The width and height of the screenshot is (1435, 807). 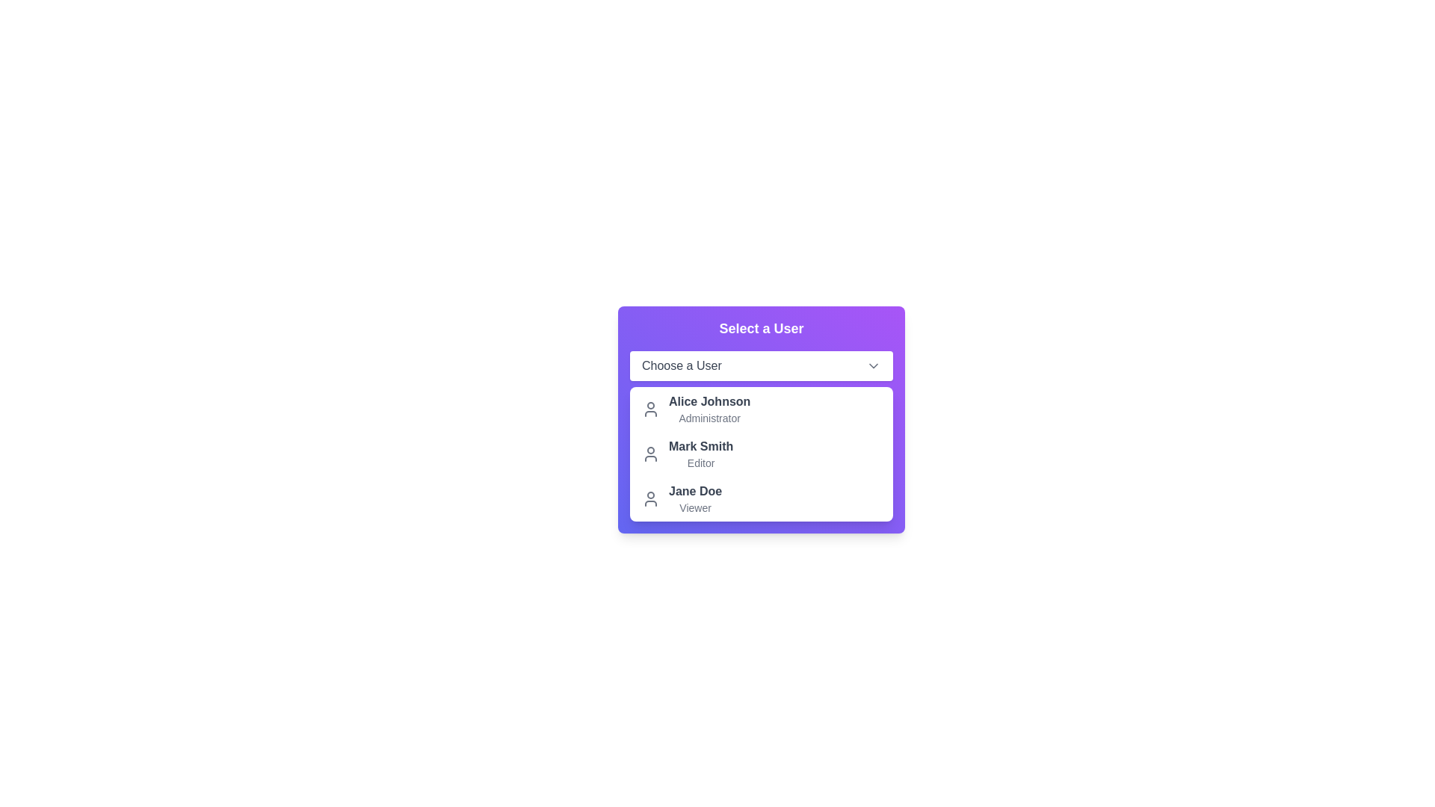 What do you see at coordinates (761, 365) in the screenshot?
I see `the 'Choose a User' dropdown menu` at bounding box center [761, 365].